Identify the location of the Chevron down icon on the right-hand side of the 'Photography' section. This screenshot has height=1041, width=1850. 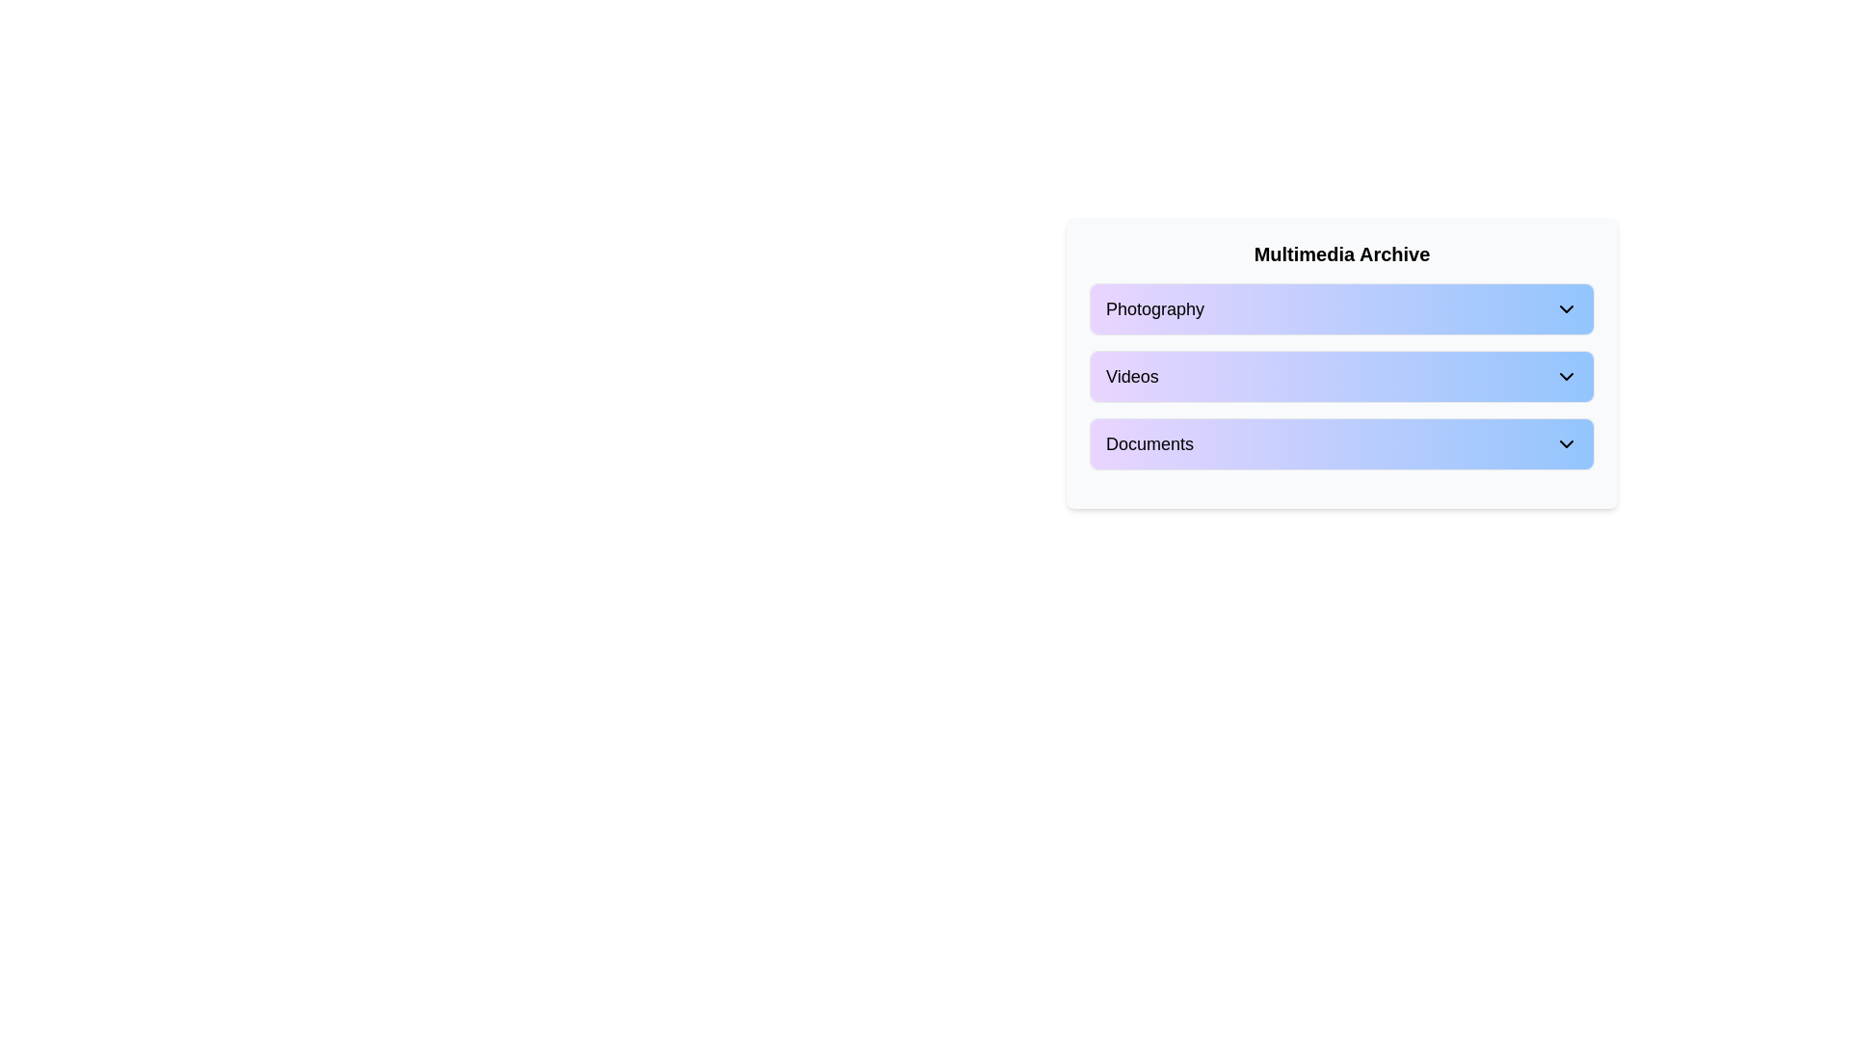
(1567, 307).